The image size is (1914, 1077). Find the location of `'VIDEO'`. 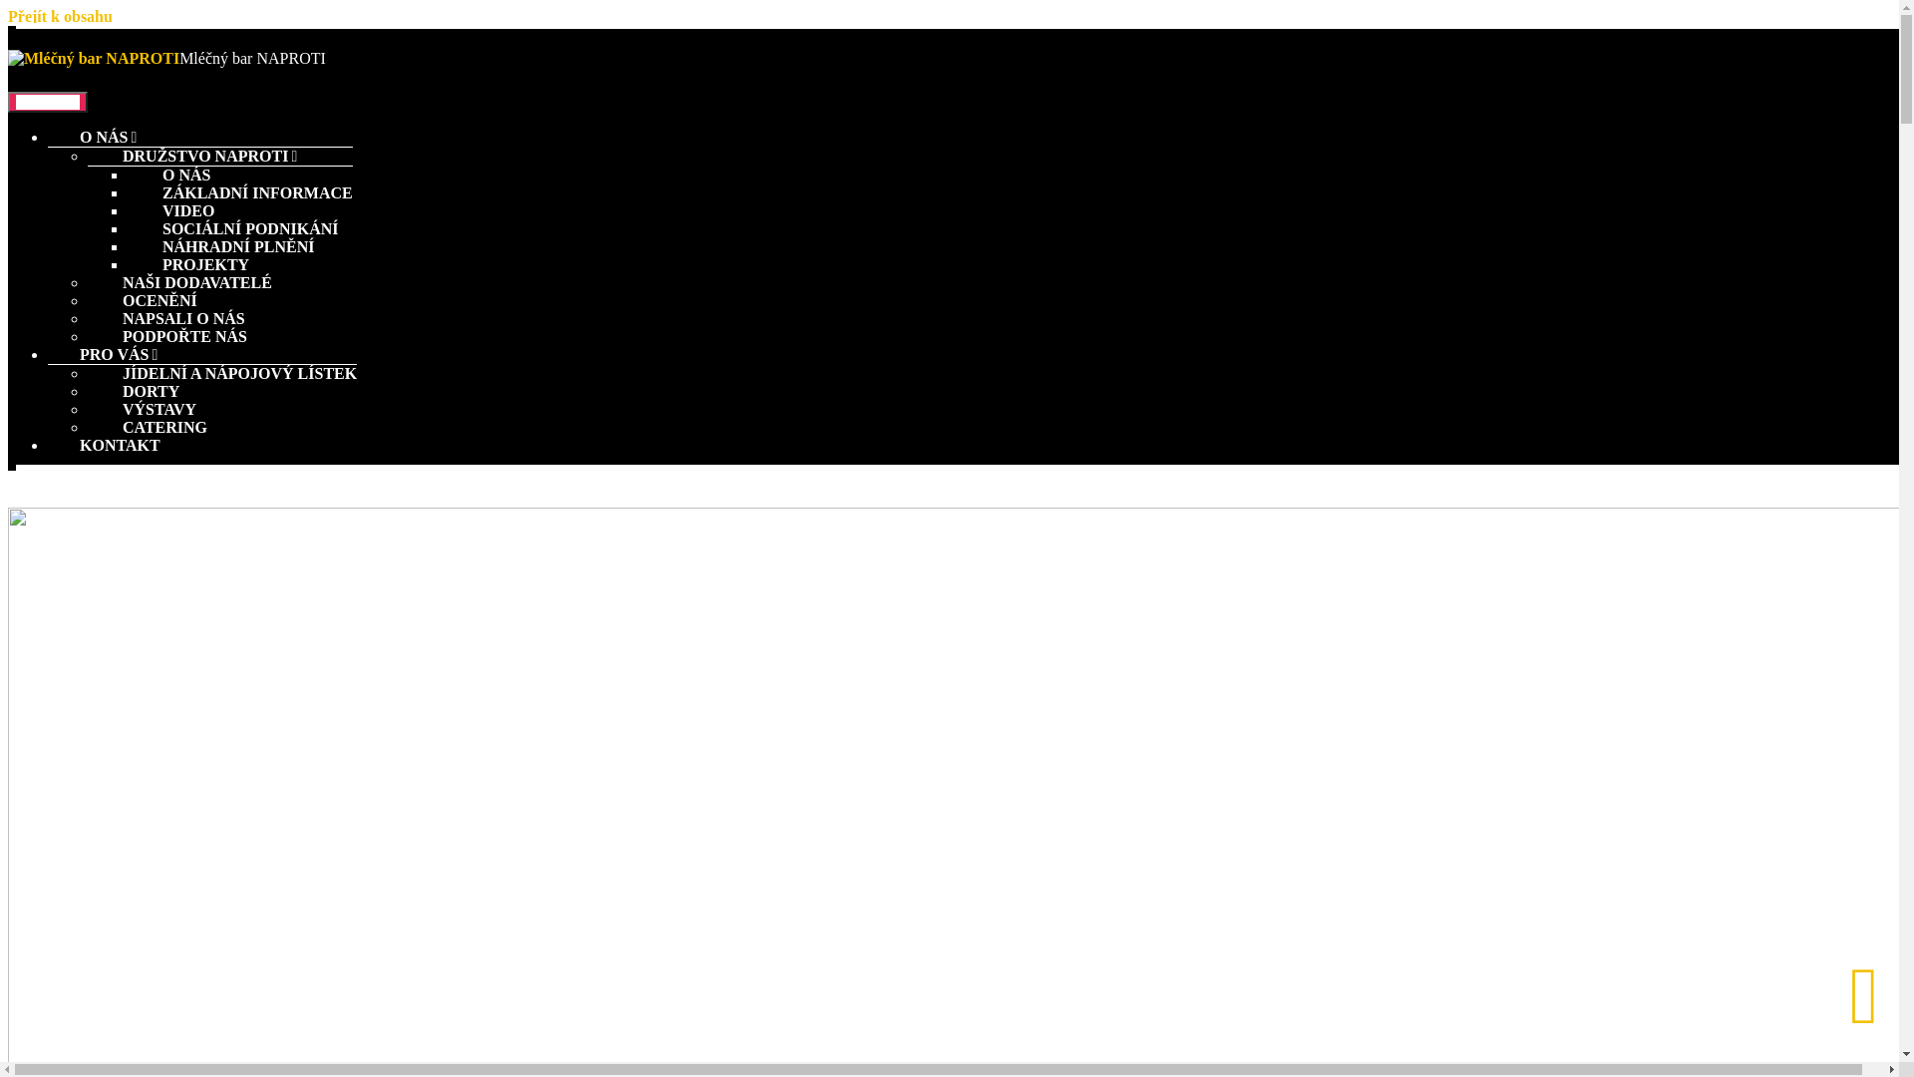

'VIDEO' is located at coordinates (170, 210).